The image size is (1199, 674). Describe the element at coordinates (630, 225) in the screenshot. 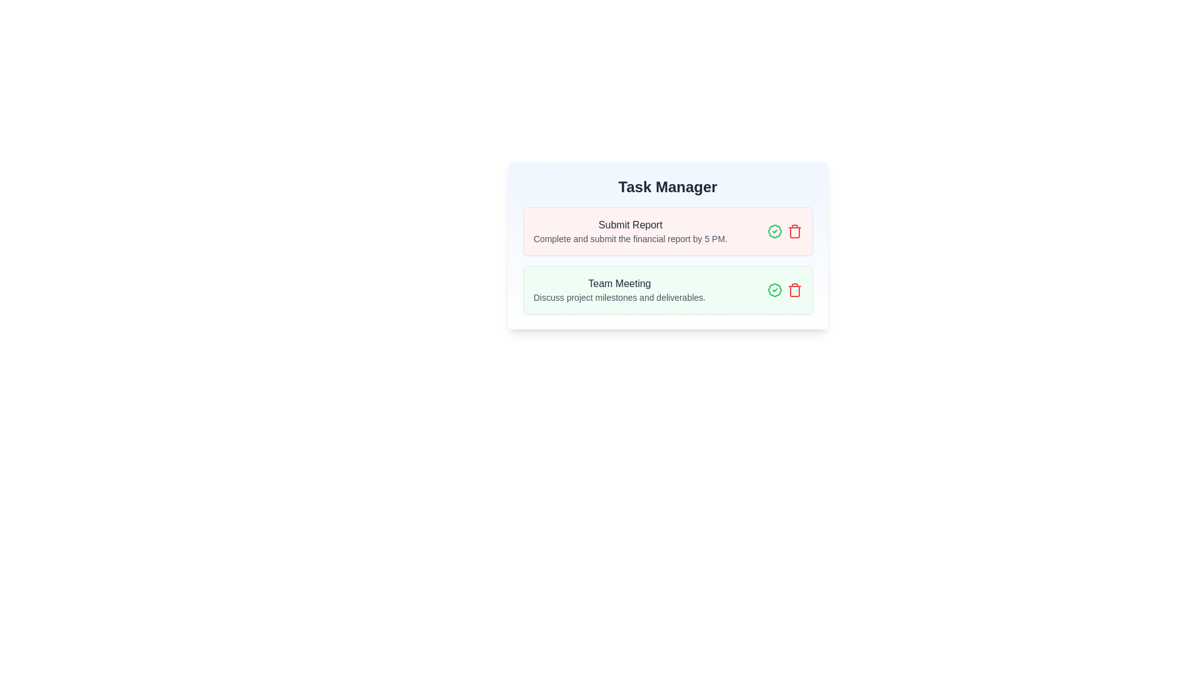

I see `the Text Label that serves as a title for submitting a report, located above the description text in the top-left quadrant of the task area` at that location.